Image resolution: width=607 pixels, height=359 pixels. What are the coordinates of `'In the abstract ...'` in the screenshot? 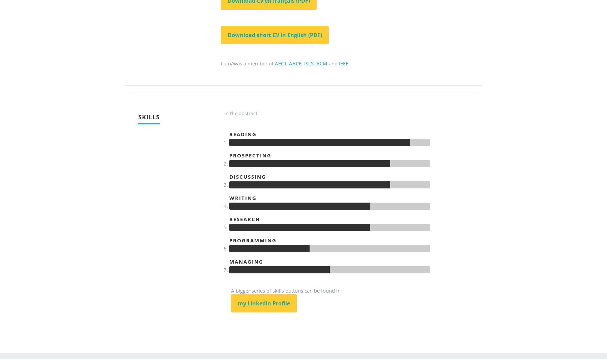 It's located at (224, 113).